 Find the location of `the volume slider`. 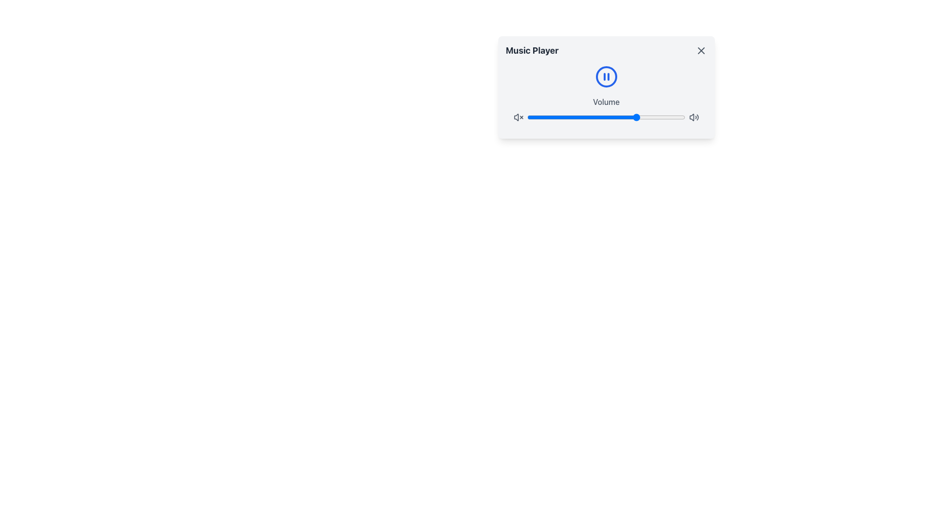

the volume slider is located at coordinates (642, 117).